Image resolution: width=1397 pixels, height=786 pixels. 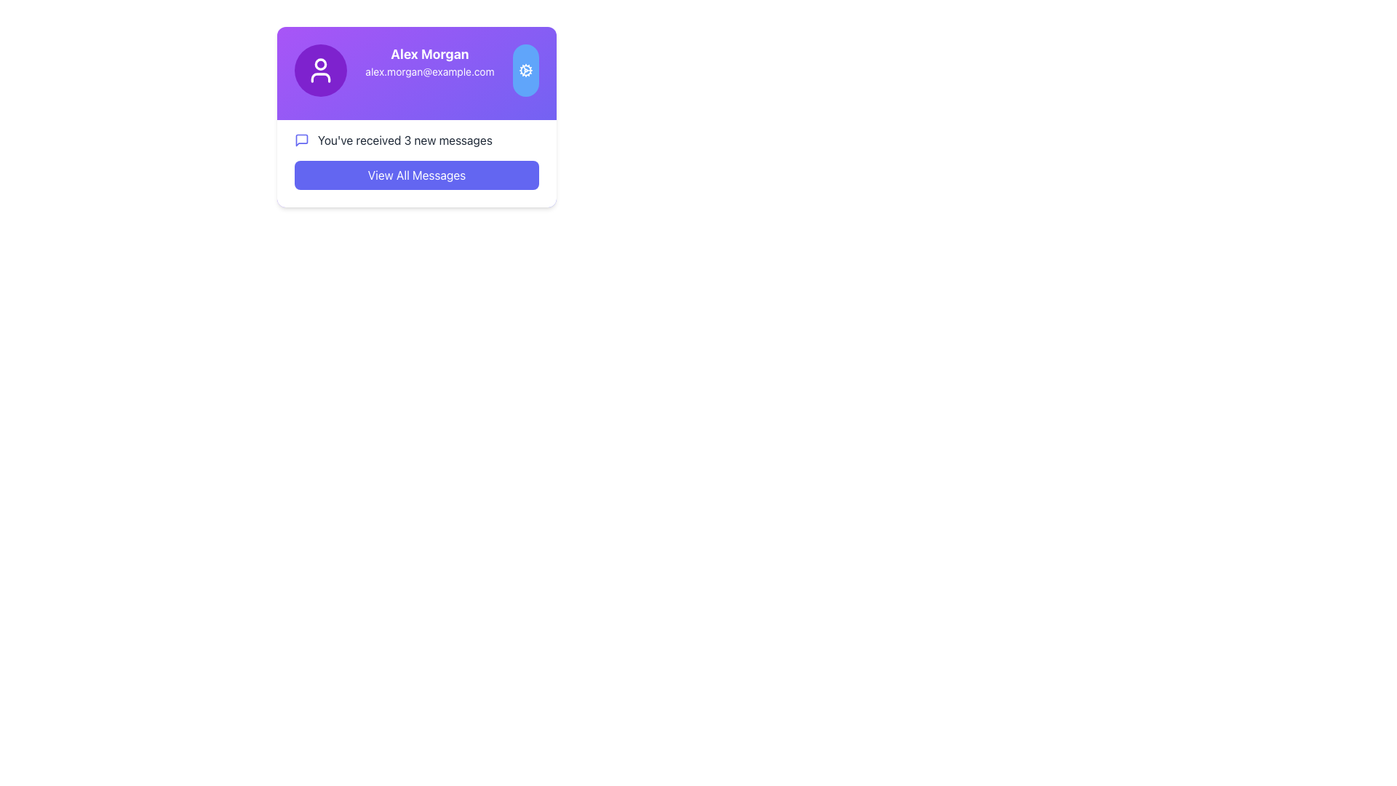 I want to click on the Icon Display Component representing the user profile located to the left of the text 'Alex Morgan' and 'alex.morgan@example.com', so click(x=320, y=70).